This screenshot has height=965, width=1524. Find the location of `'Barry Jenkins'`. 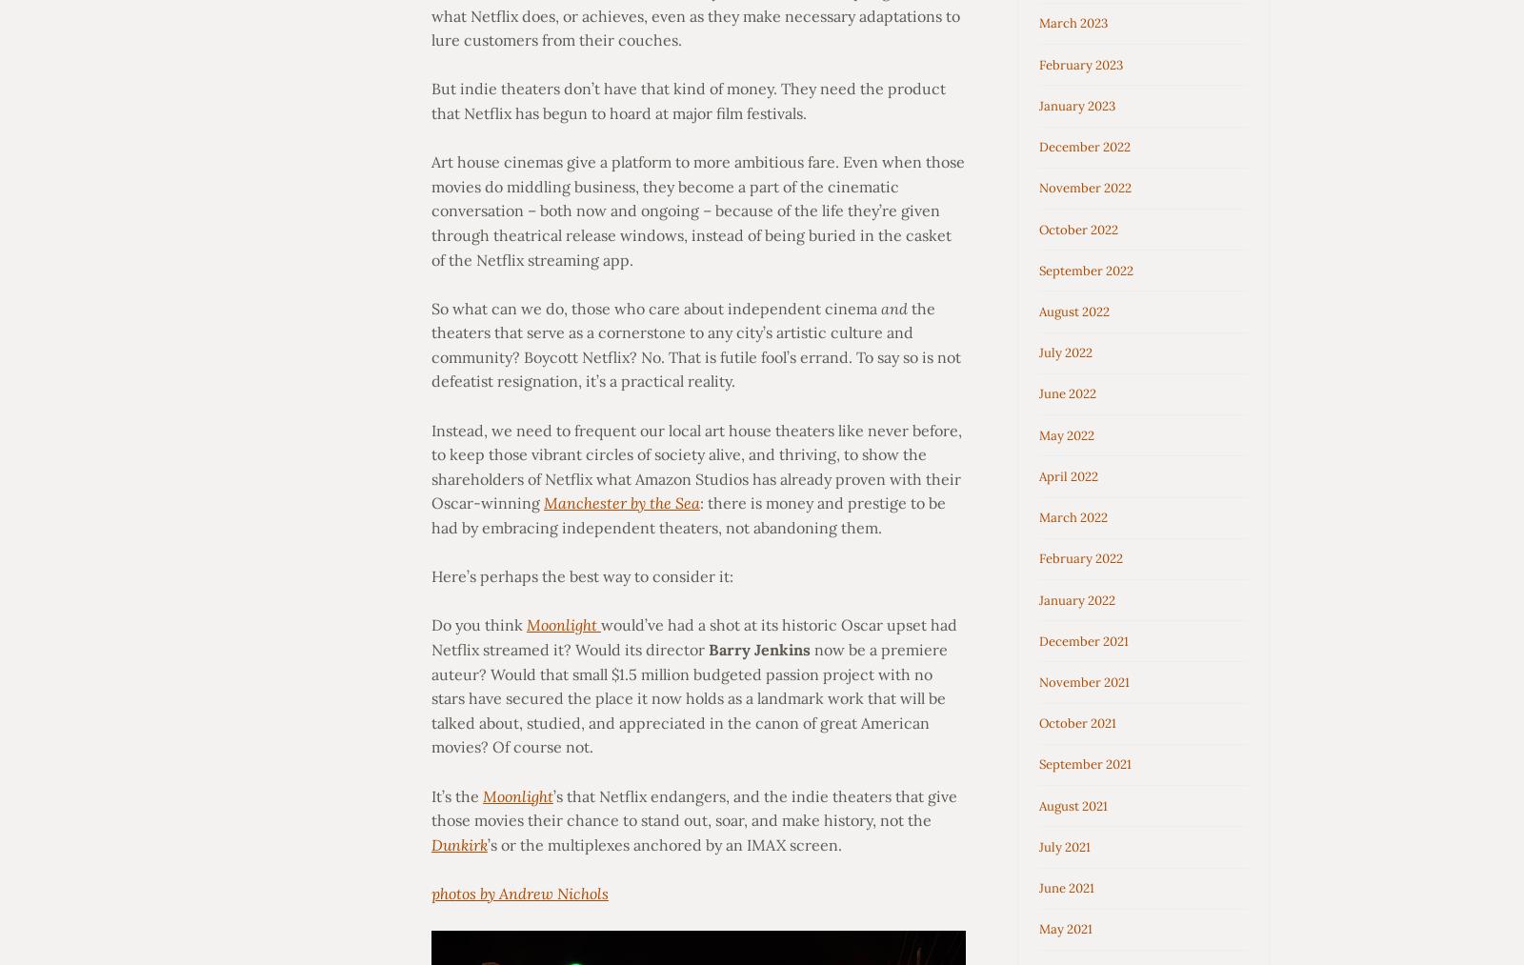

'Barry Jenkins' is located at coordinates (758, 648).